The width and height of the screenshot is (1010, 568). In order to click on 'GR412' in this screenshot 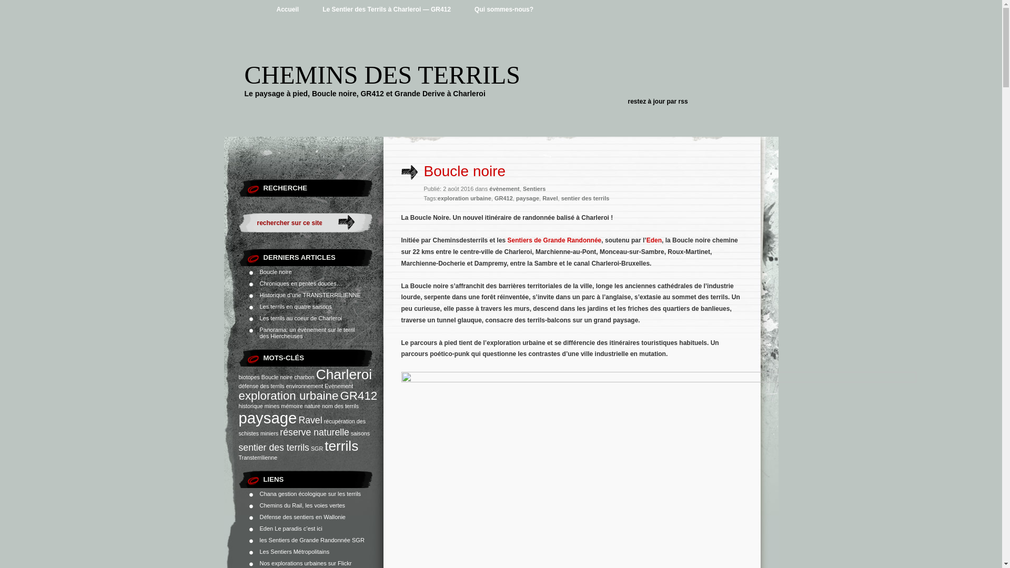, I will do `click(503, 198)`.